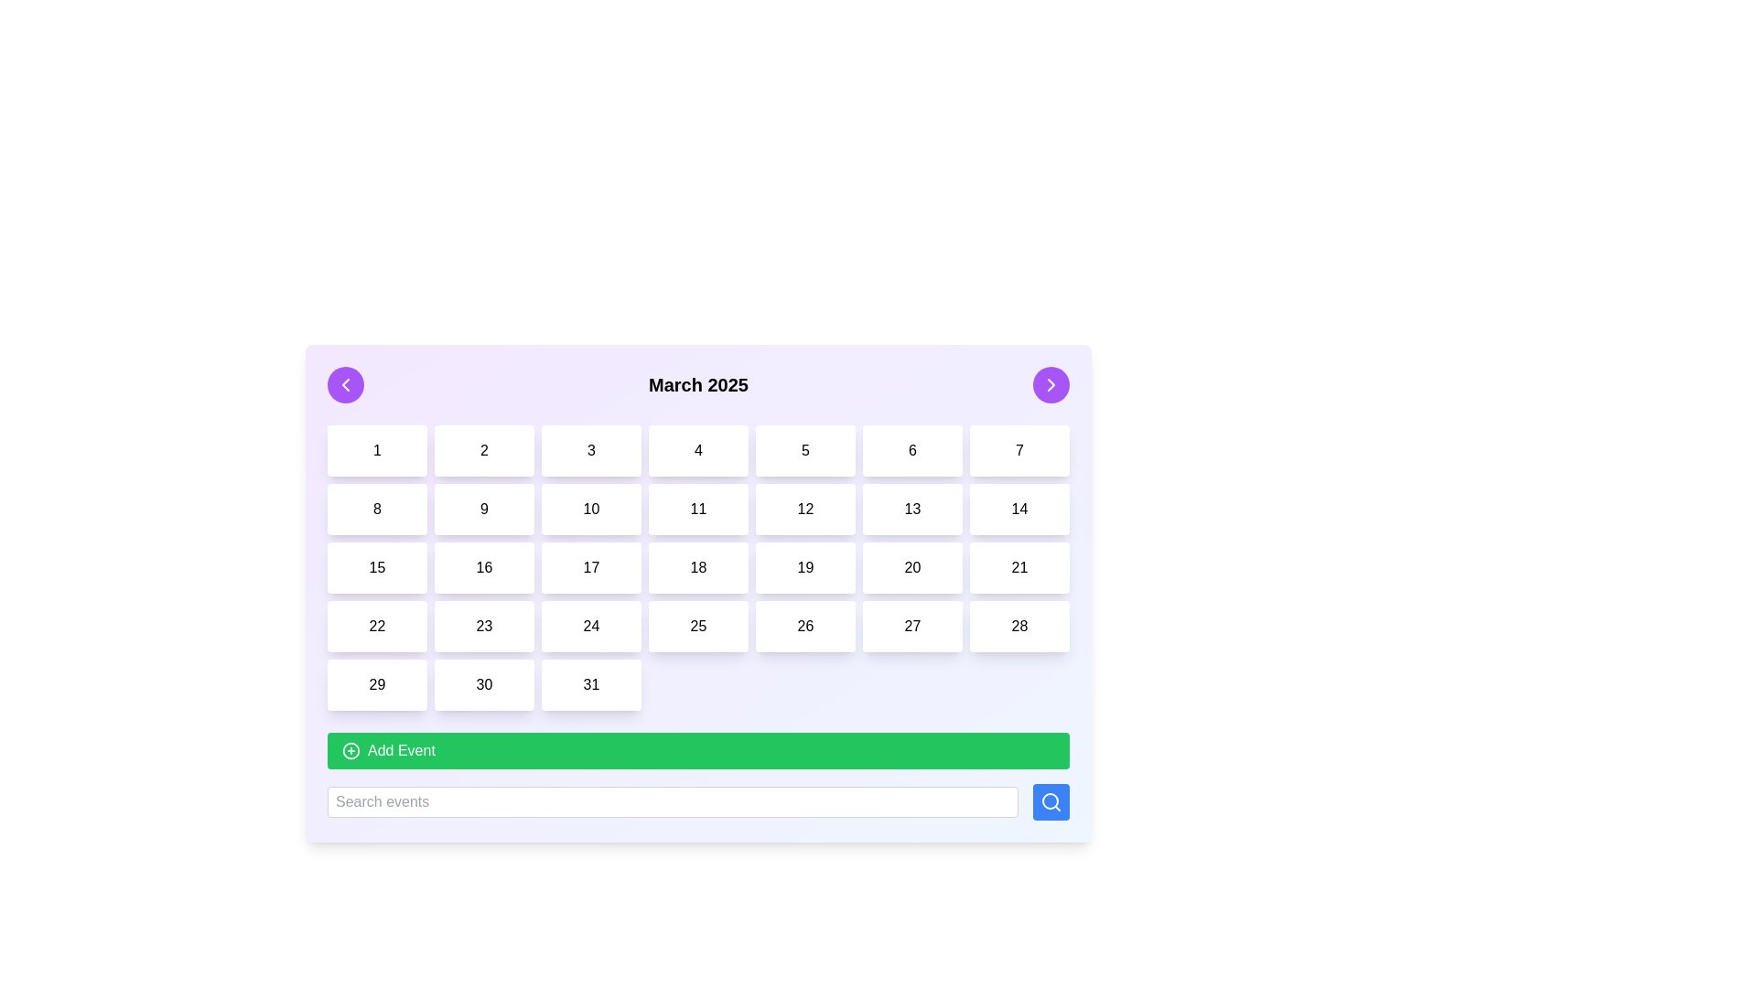 This screenshot has height=988, width=1757. What do you see at coordinates (697, 626) in the screenshot?
I see `the static content block displaying the number '25' in bold black font, which is part of a grid layout in the fourth row and fourth column, surrounded by other numerical values` at bounding box center [697, 626].